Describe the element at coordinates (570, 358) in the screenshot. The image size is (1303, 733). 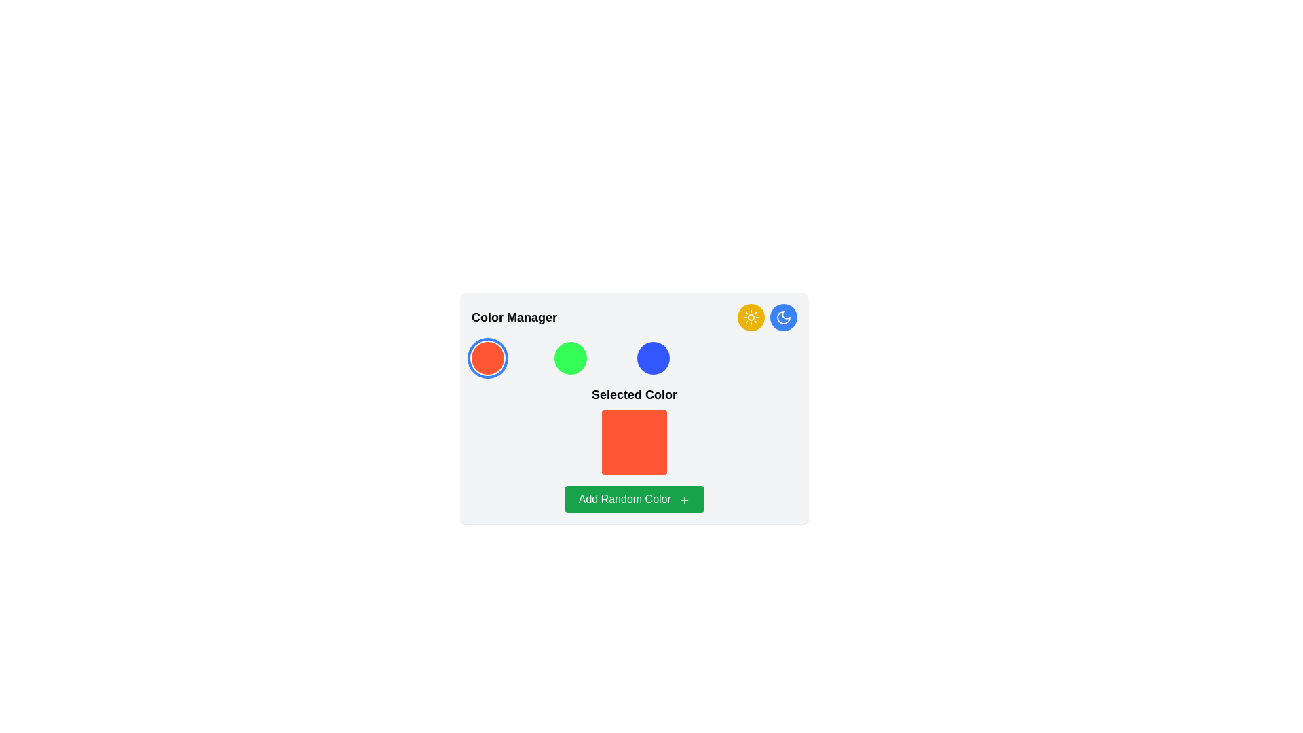
I see `the circular green color selector button in the color manager UI` at that location.